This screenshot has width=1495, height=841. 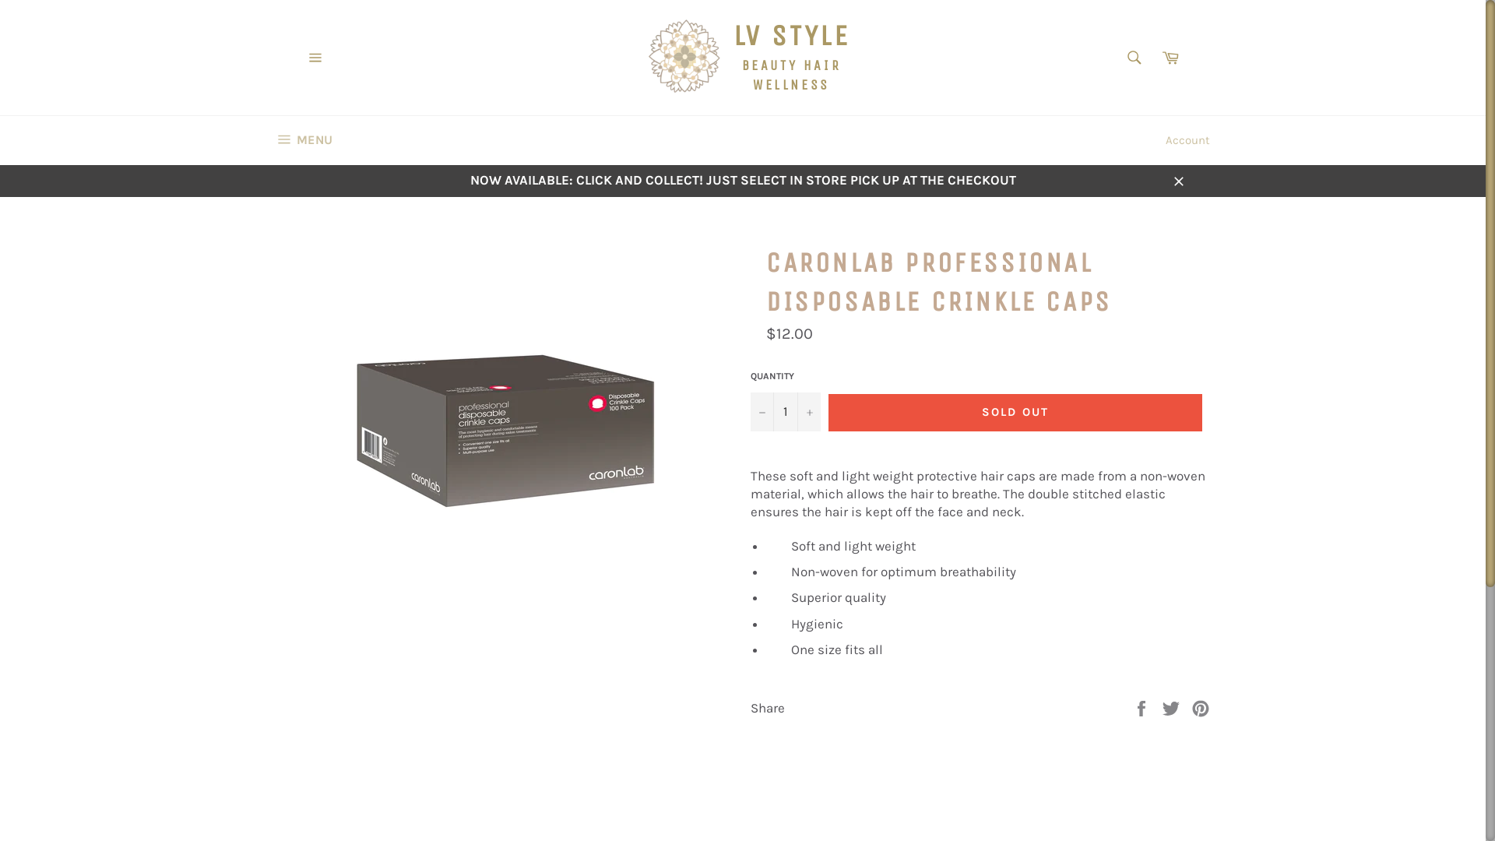 I want to click on '+', so click(x=808, y=410).